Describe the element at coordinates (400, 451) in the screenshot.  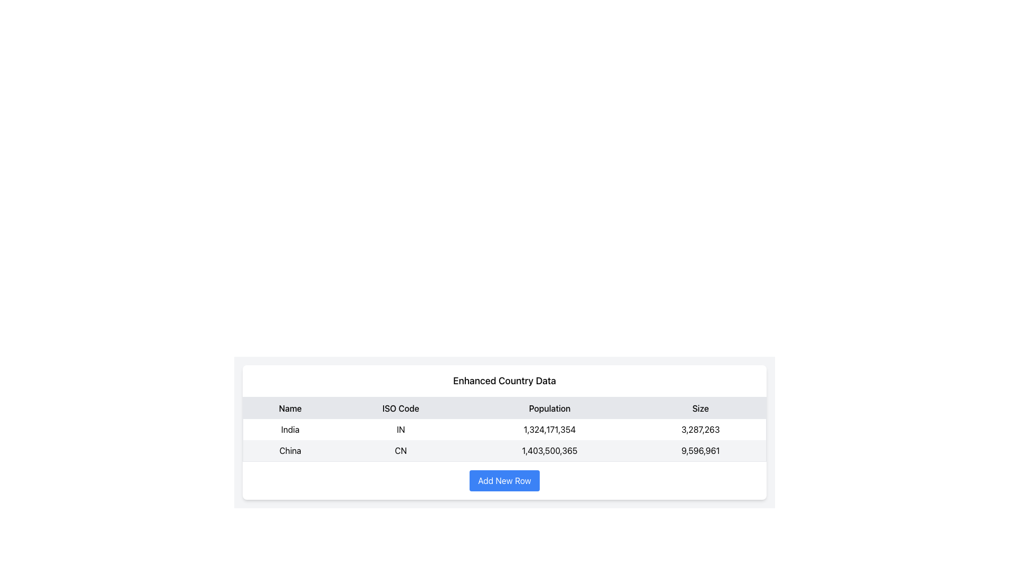
I see `the text label displaying 'CN' in bold black font, located` at that location.